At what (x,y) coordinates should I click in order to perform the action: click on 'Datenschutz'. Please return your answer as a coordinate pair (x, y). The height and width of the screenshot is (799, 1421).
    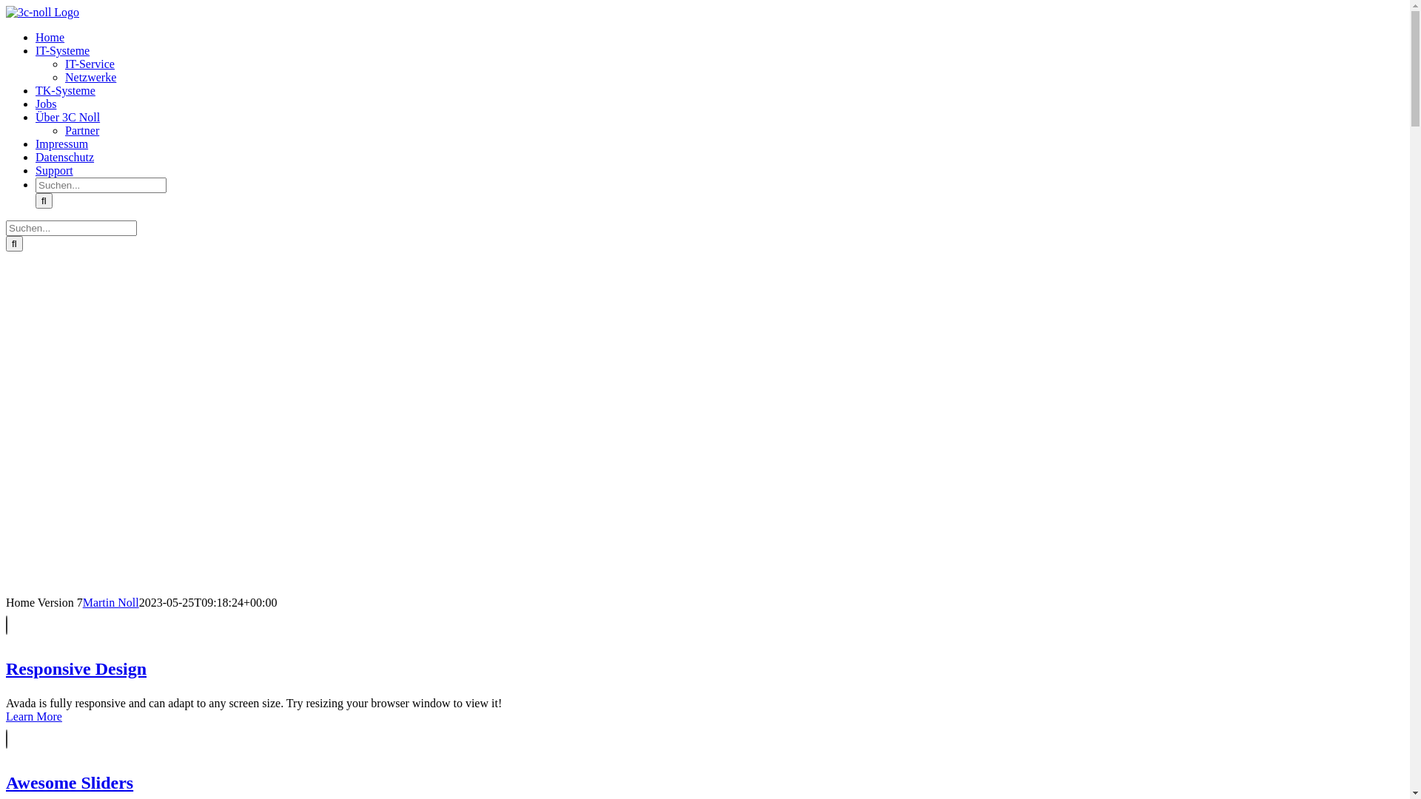
    Looking at the image, I should click on (64, 157).